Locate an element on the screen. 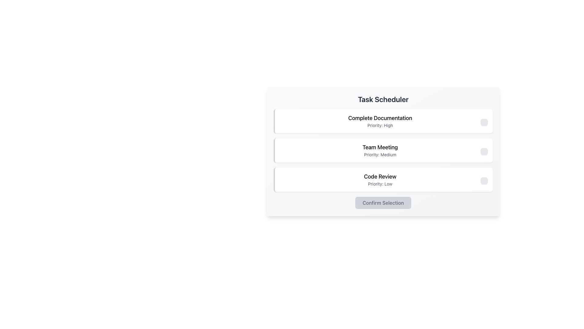 This screenshot has width=584, height=329. the 'Team Meeting' informational text block, which is the second item in a vertical list under the 'Task Scheduler' heading, indicating a medium priority task is located at coordinates (380, 150).